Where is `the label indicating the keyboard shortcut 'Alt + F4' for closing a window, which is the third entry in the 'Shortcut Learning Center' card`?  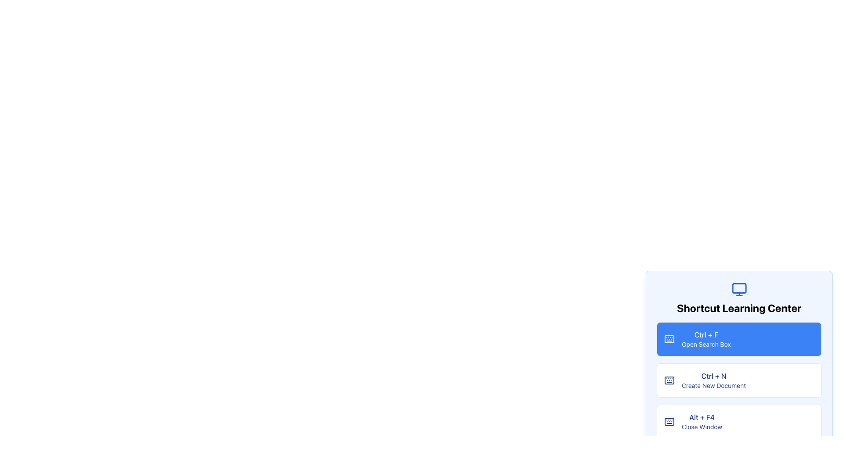
the label indicating the keyboard shortcut 'Alt + F4' for closing a window, which is the third entry in the 'Shortcut Learning Center' card is located at coordinates (701, 417).